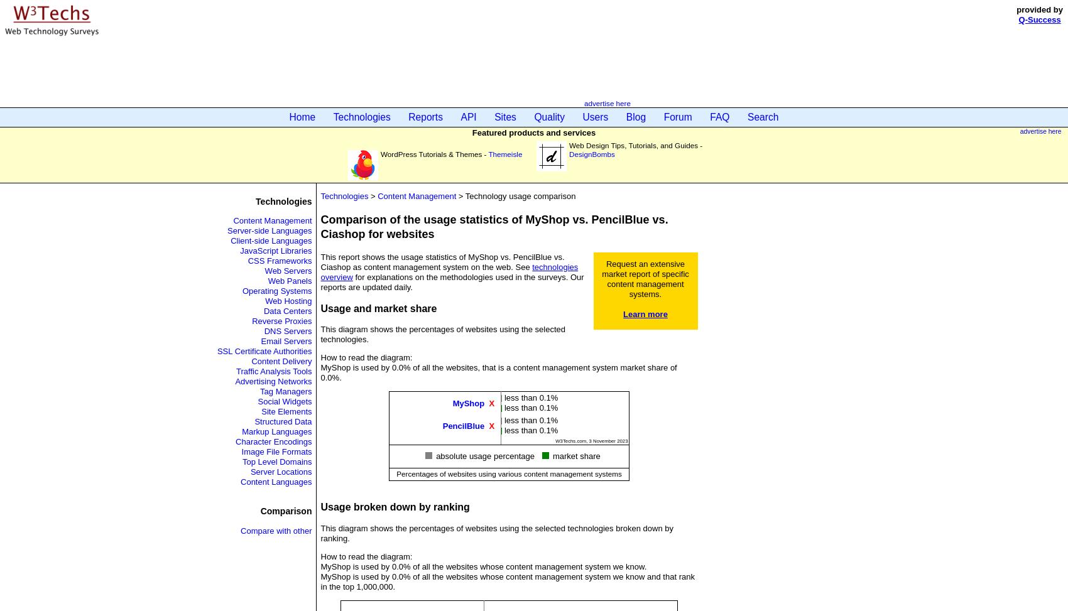 The height and width of the screenshot is (611, 1068). What do you see at coordinates (283, 421) in the screenshot?
I see `'Structured Data'` at bounding box center [283, 421].